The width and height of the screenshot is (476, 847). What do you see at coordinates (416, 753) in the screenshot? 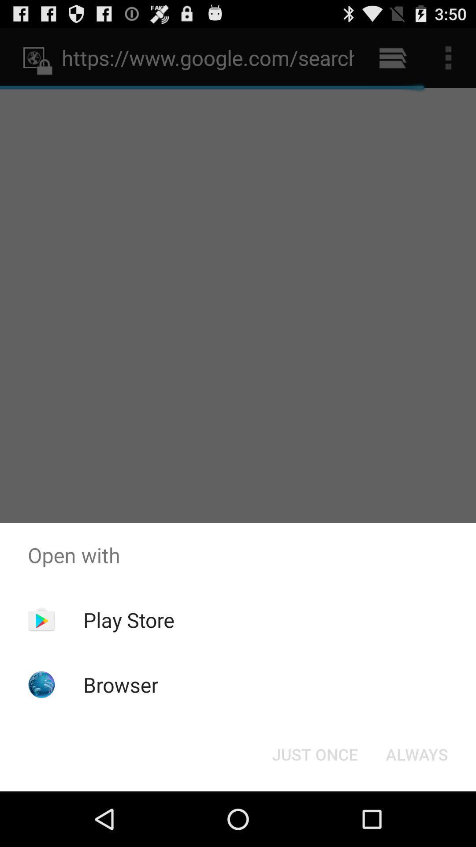
I see `the always` at bounding box center [416, 753].